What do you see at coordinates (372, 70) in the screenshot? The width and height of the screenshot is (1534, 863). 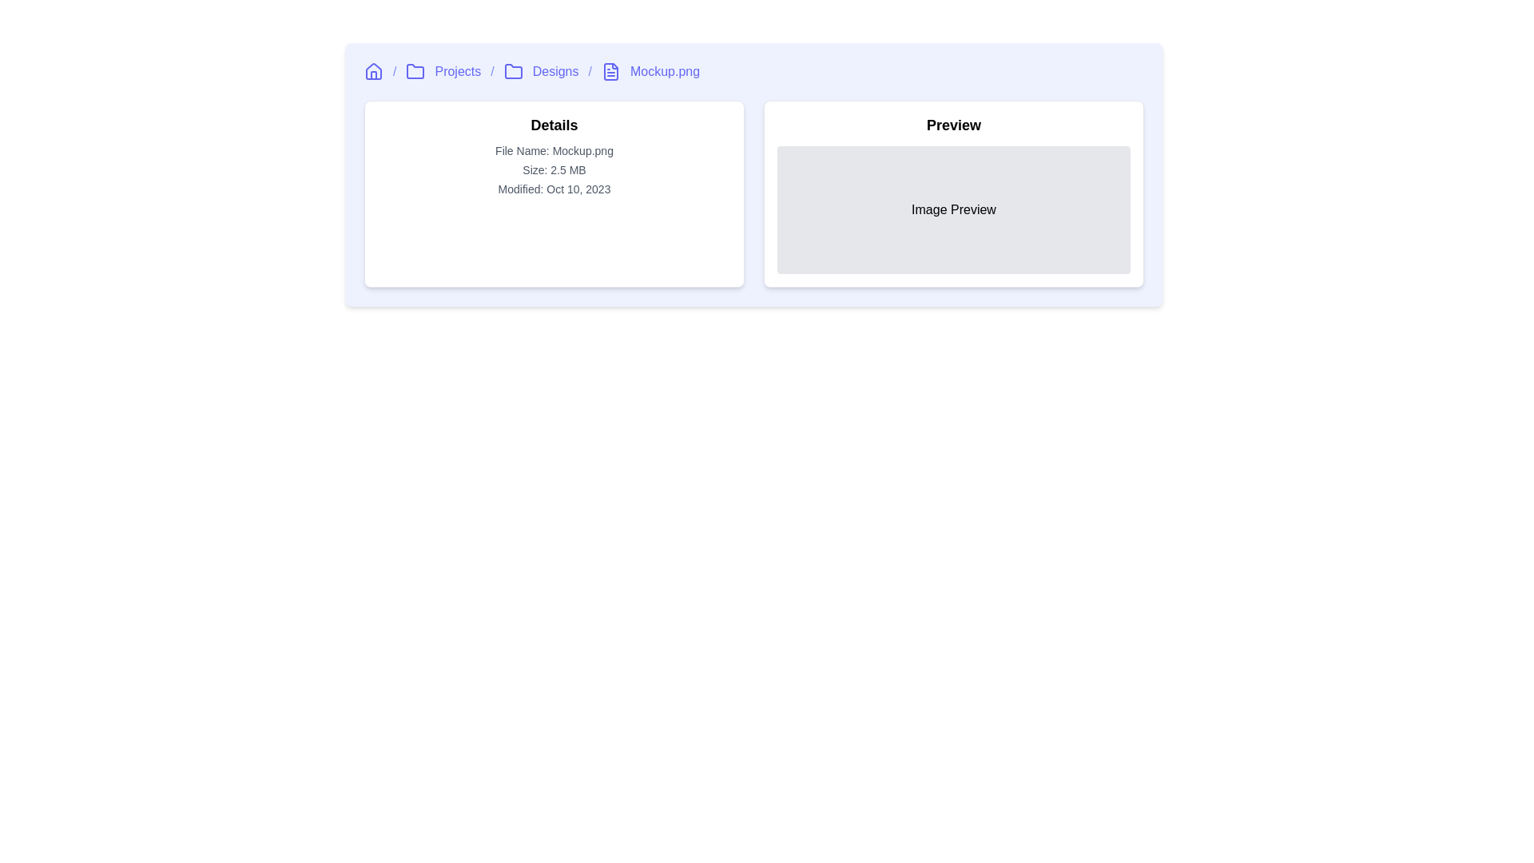 I see `the Home Button icon in the breadcrumb navigation` at bounding box center [372, 70].